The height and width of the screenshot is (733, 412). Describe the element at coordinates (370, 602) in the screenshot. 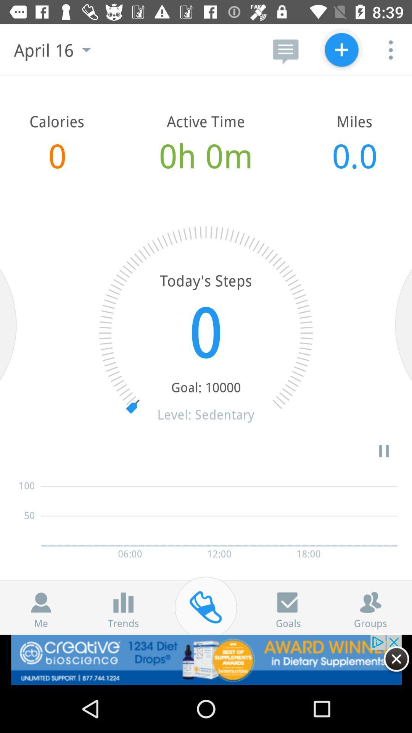

I see `the avatar icon` at that location.